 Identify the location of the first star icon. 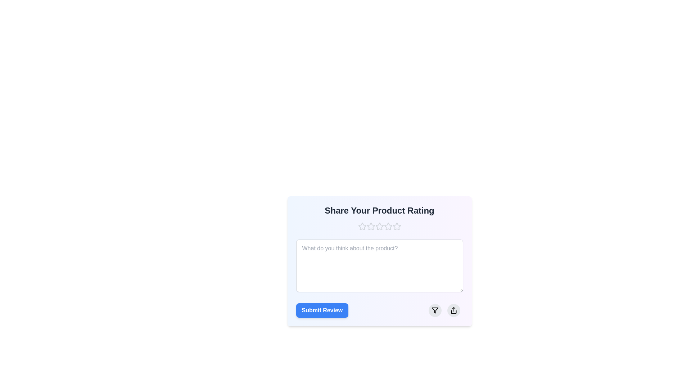
(362, 226).